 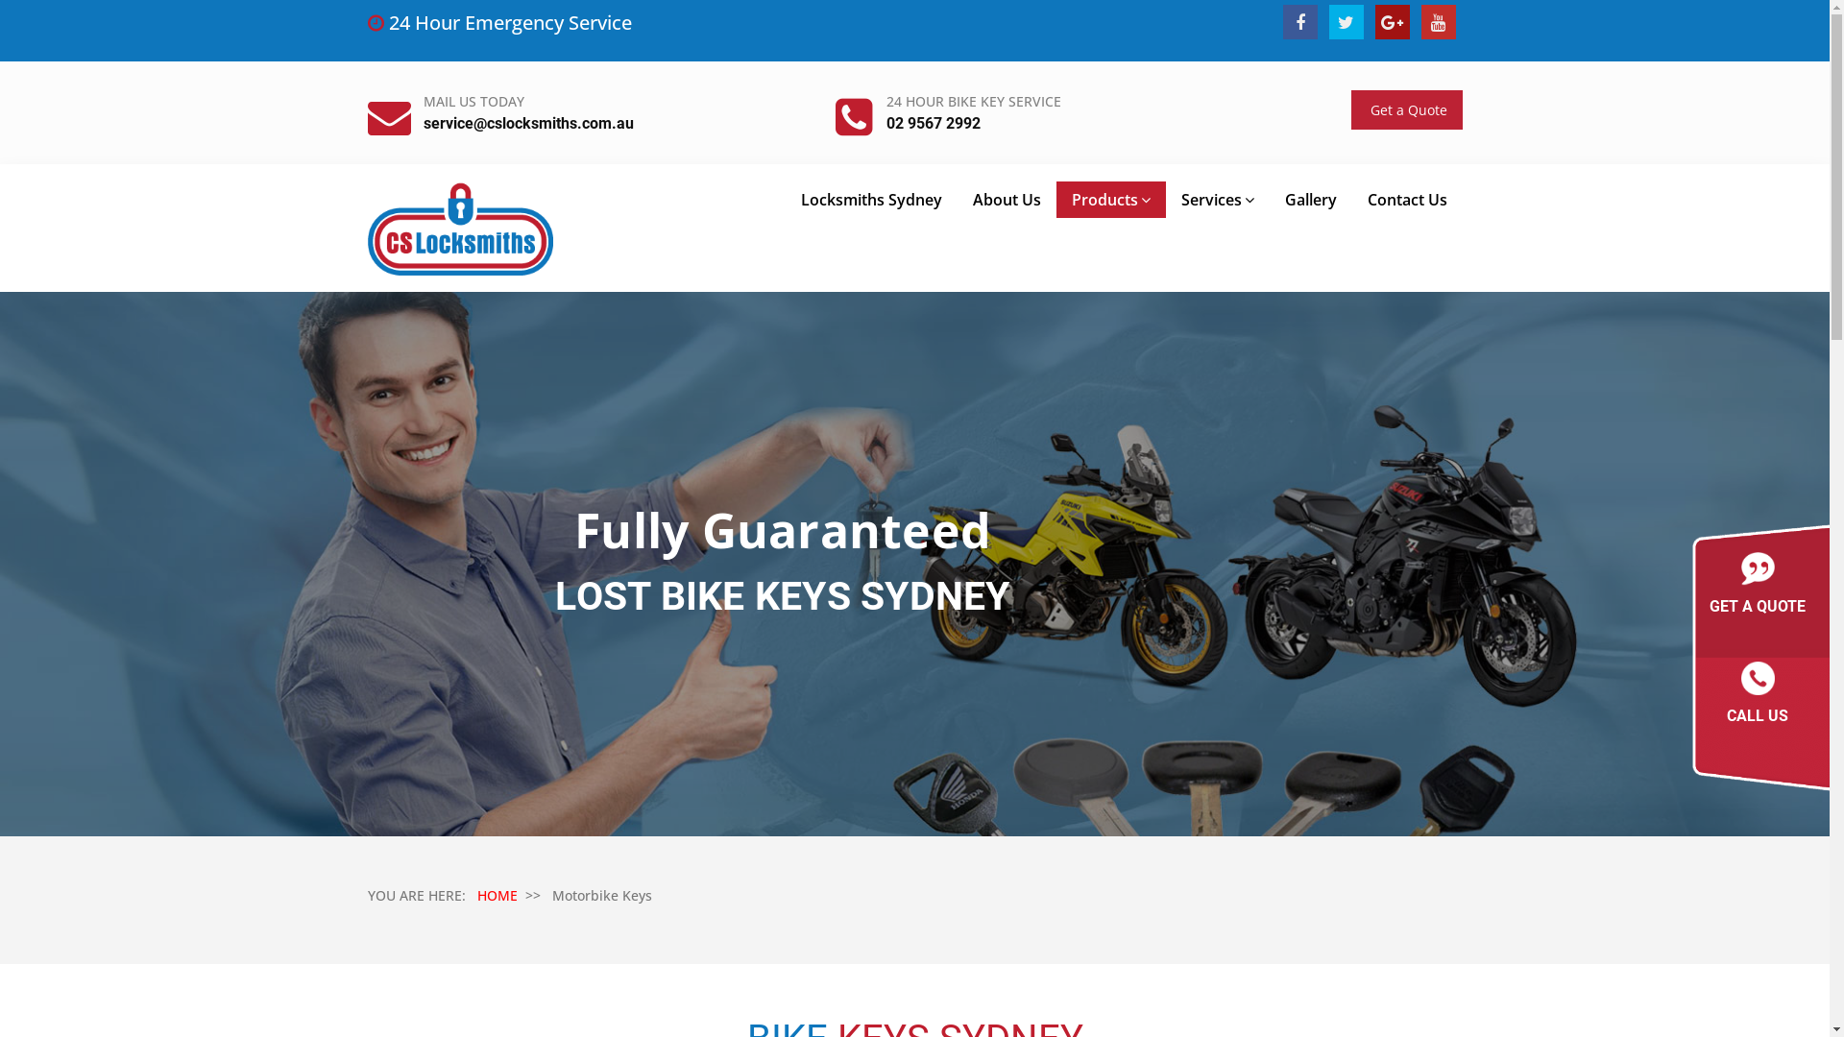 I want to click on 'CALL US', so click(x=1757, y=697).